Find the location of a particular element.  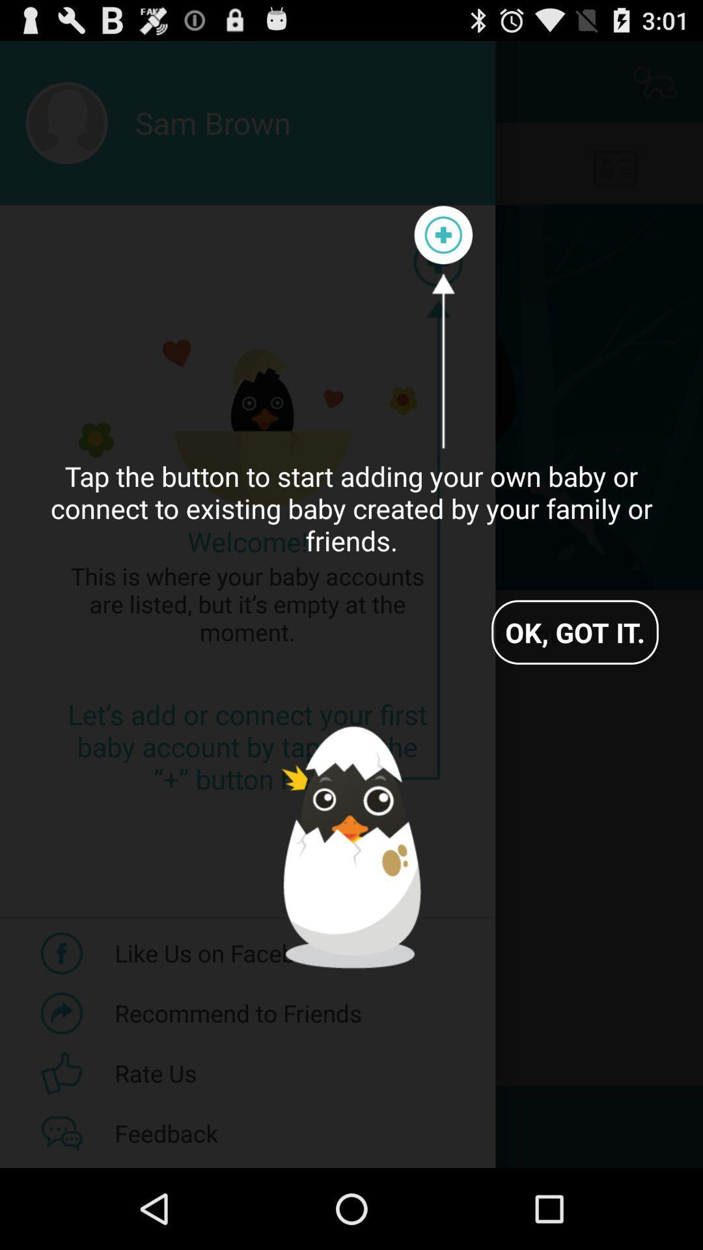

botton to start addining your own baby or connect to existen baby is located at coordinates (443, 235).